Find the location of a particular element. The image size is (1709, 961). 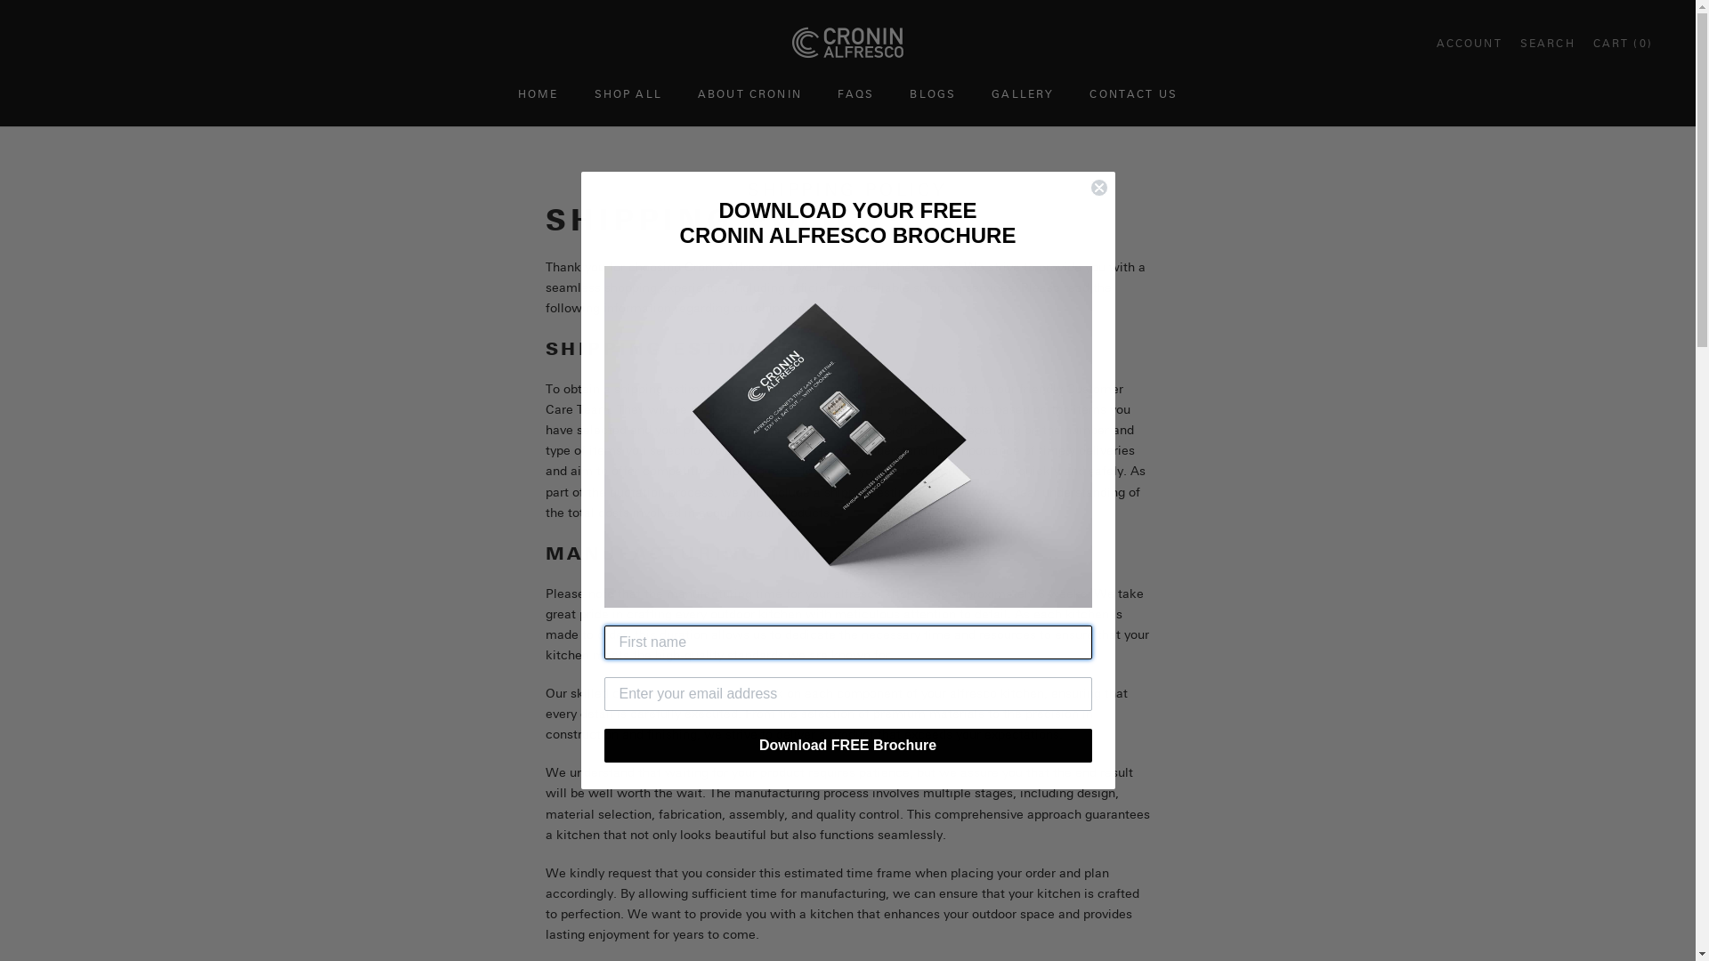

'FAQS' is located at coordinates (855, 95).